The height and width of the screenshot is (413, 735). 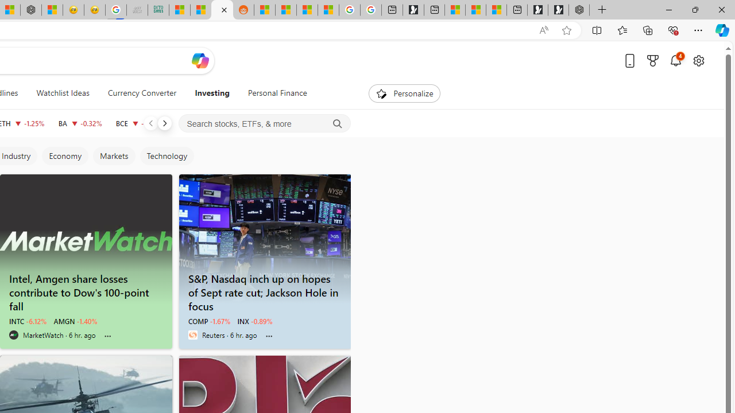 I want to click on 'Nordace - #1 Japanese Best-Seller - Siena Smart Backpack', so click(x=30, y=10).